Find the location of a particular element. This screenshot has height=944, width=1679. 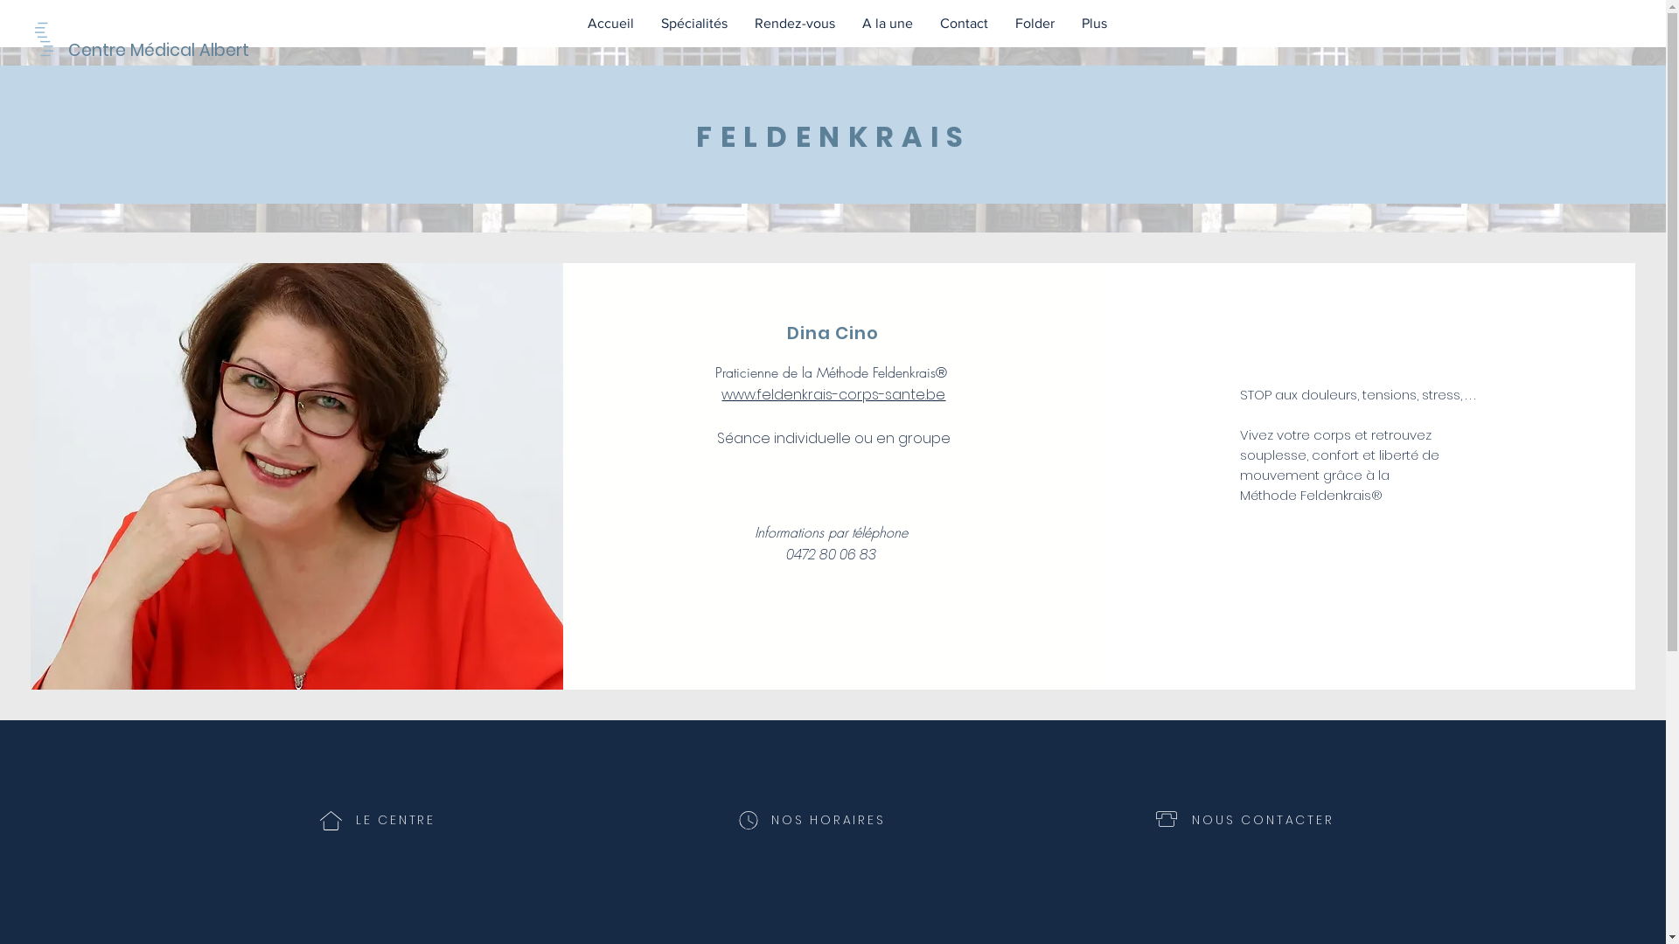

'Rendez-vous' is located at coordinates (739, 24).